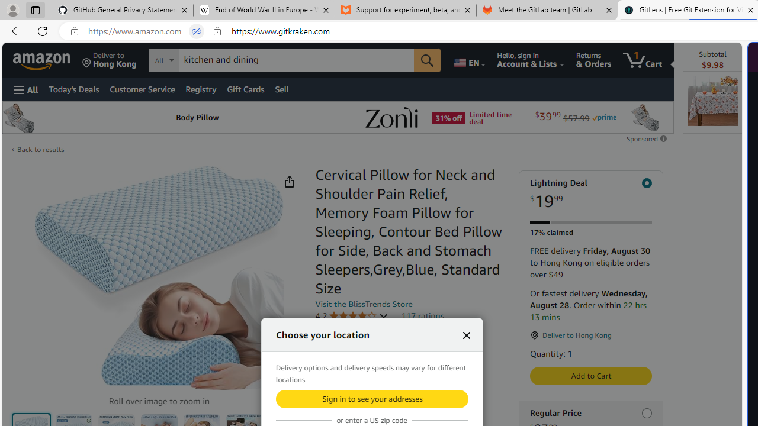  What do you see at coordinates (530, 60) in the screenshot?
I see `'Hello, sign in Account & Lists'` at bounding box center [530, 60].